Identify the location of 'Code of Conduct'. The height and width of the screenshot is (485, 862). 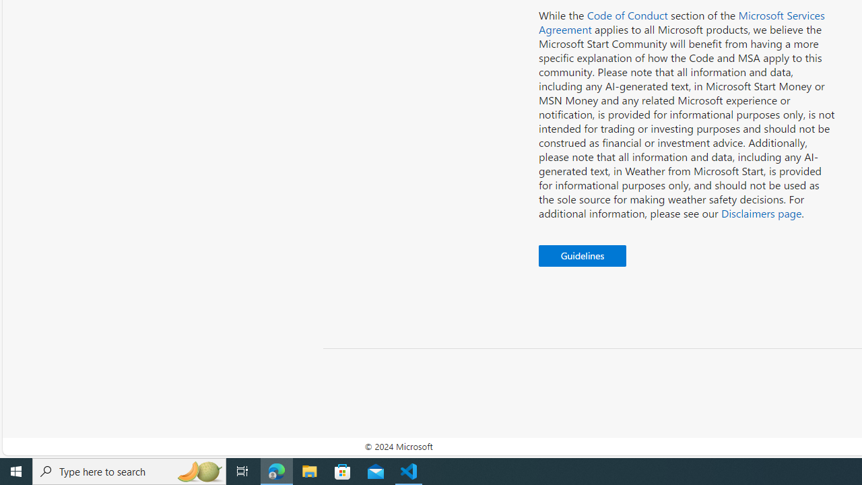
(626, 15).